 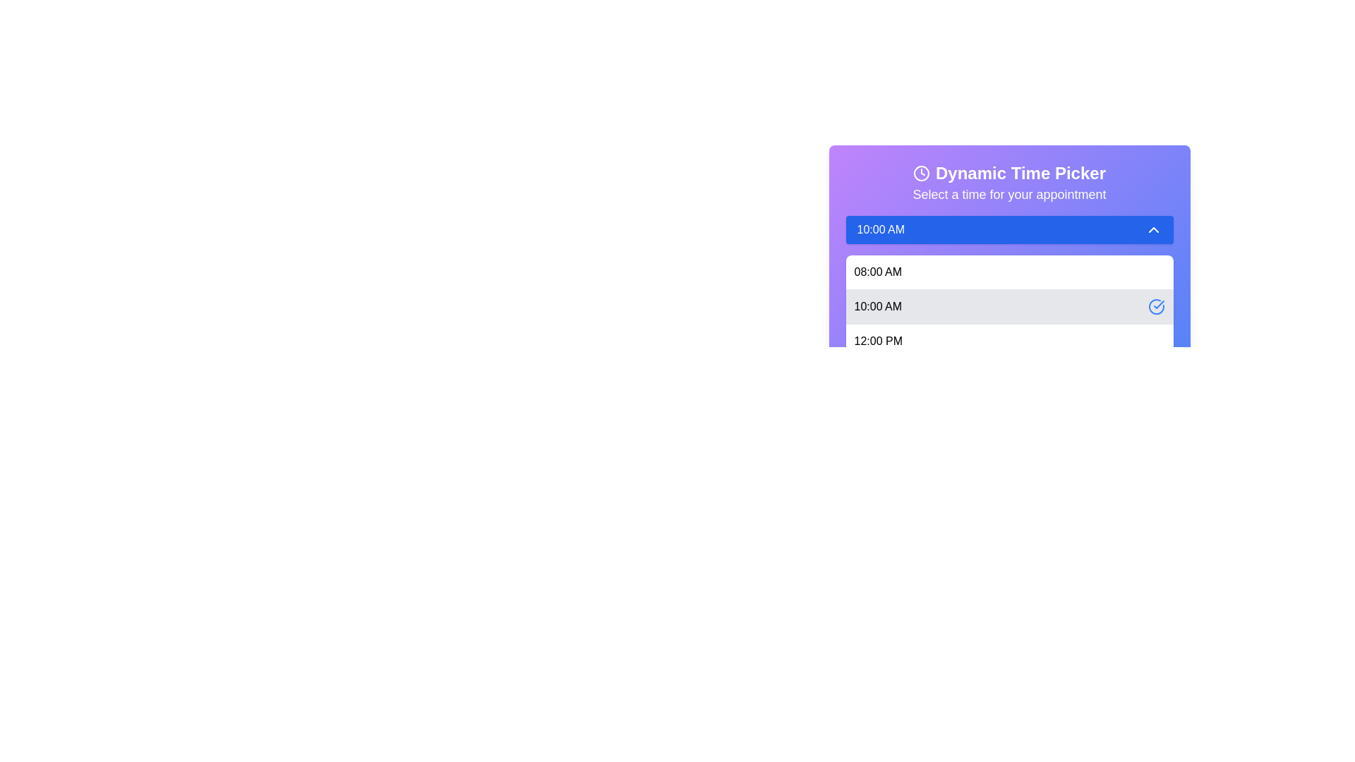 What do you see at coordinates (921, 173) in the screenshot?
I see `the circular outline of the clock face within the clock icon located at the top-left corner of the time picker interface` at bounding box center [921, 173].